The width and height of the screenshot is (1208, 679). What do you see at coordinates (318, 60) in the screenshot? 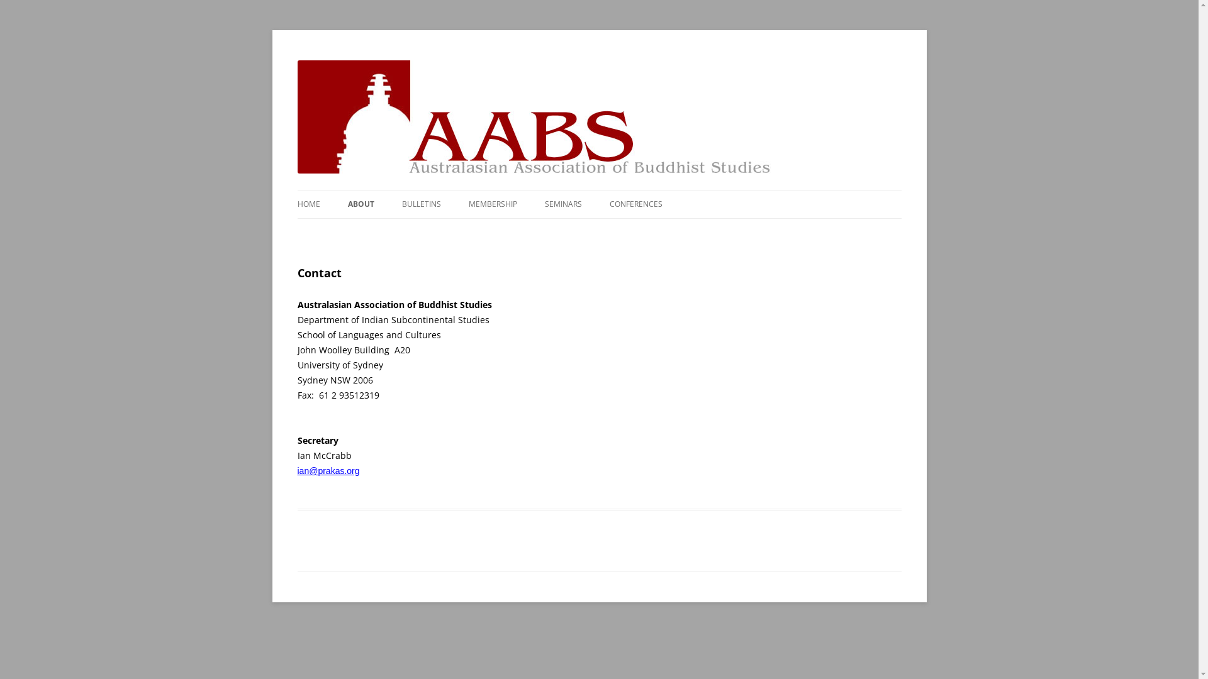
I see `'AABS'` at bounding box center [318, 60].